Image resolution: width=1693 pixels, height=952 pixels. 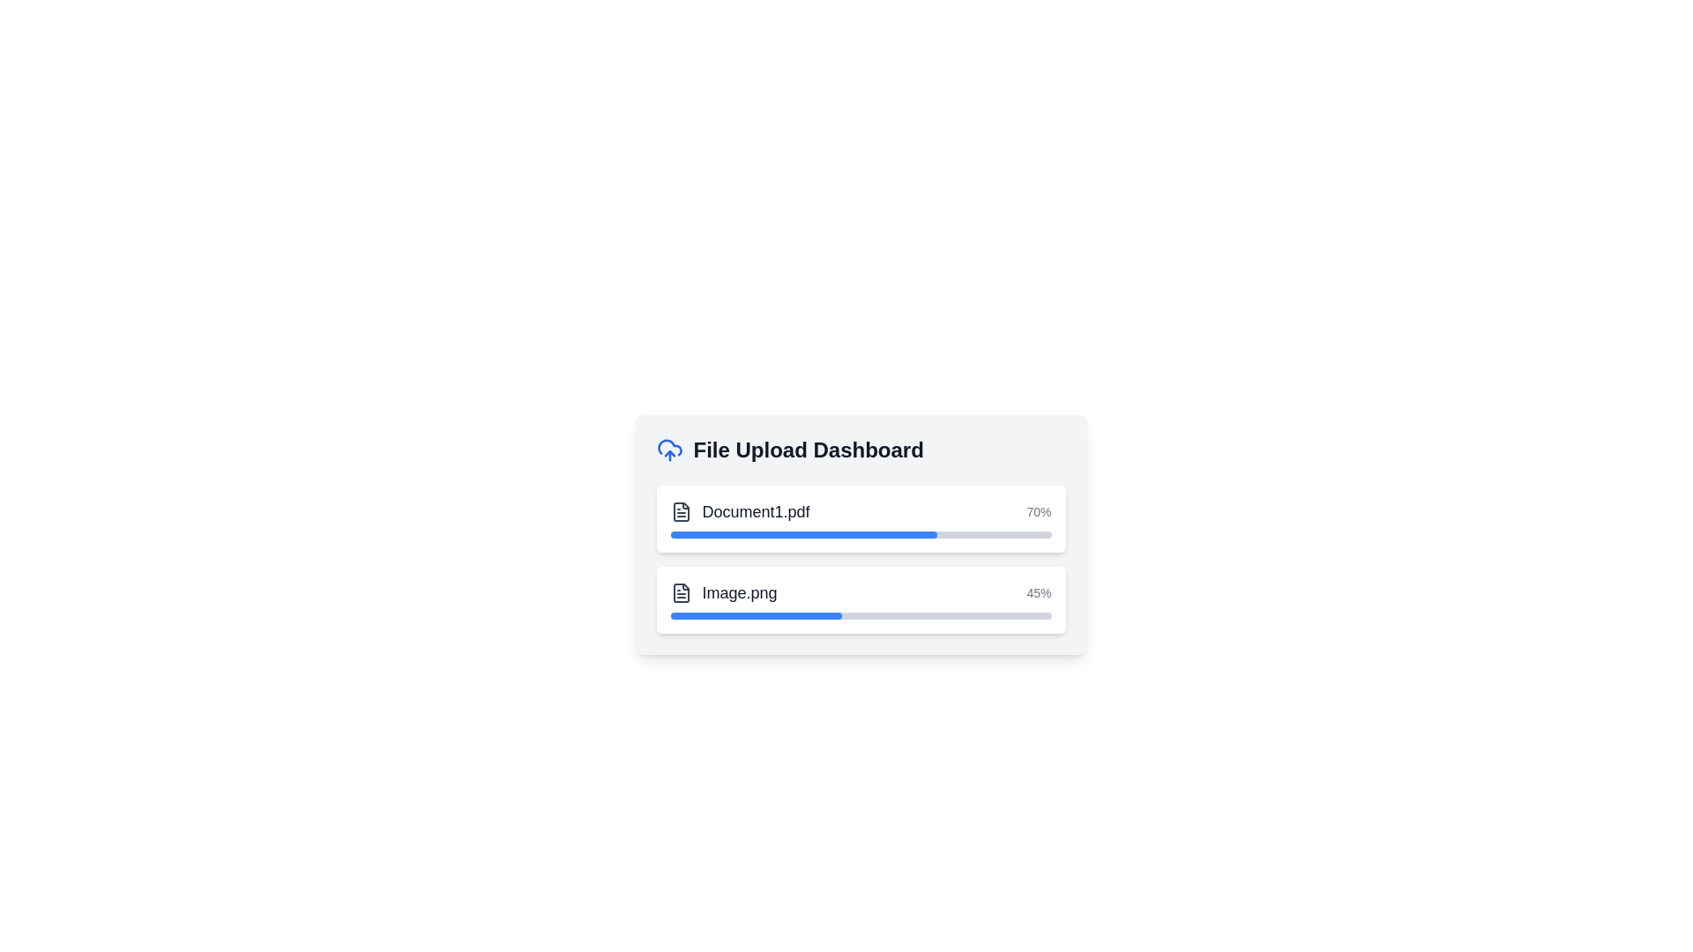 What do you see at coordinates (861, 560) in the screenshot?
I see `the file names in the List of progress indicators within the 'File Upload Dashboard' panel` at bounding box center [861, 560].